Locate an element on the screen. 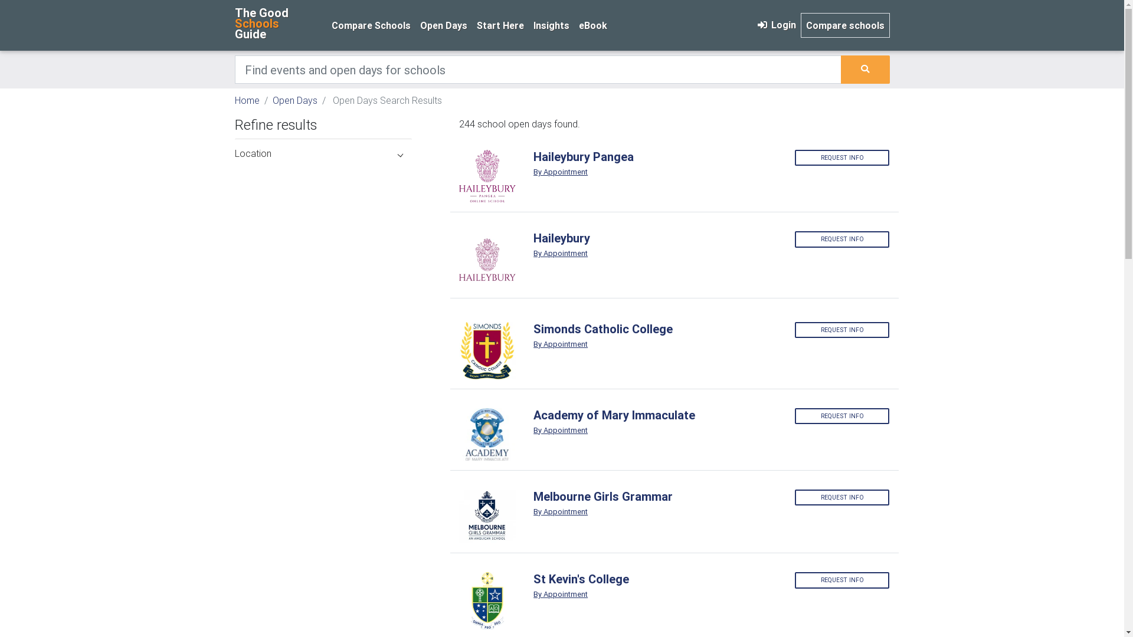 The height and width of the screenshot is (637, 1133). 'Compare Schools' is located at coordinates (370, 25).